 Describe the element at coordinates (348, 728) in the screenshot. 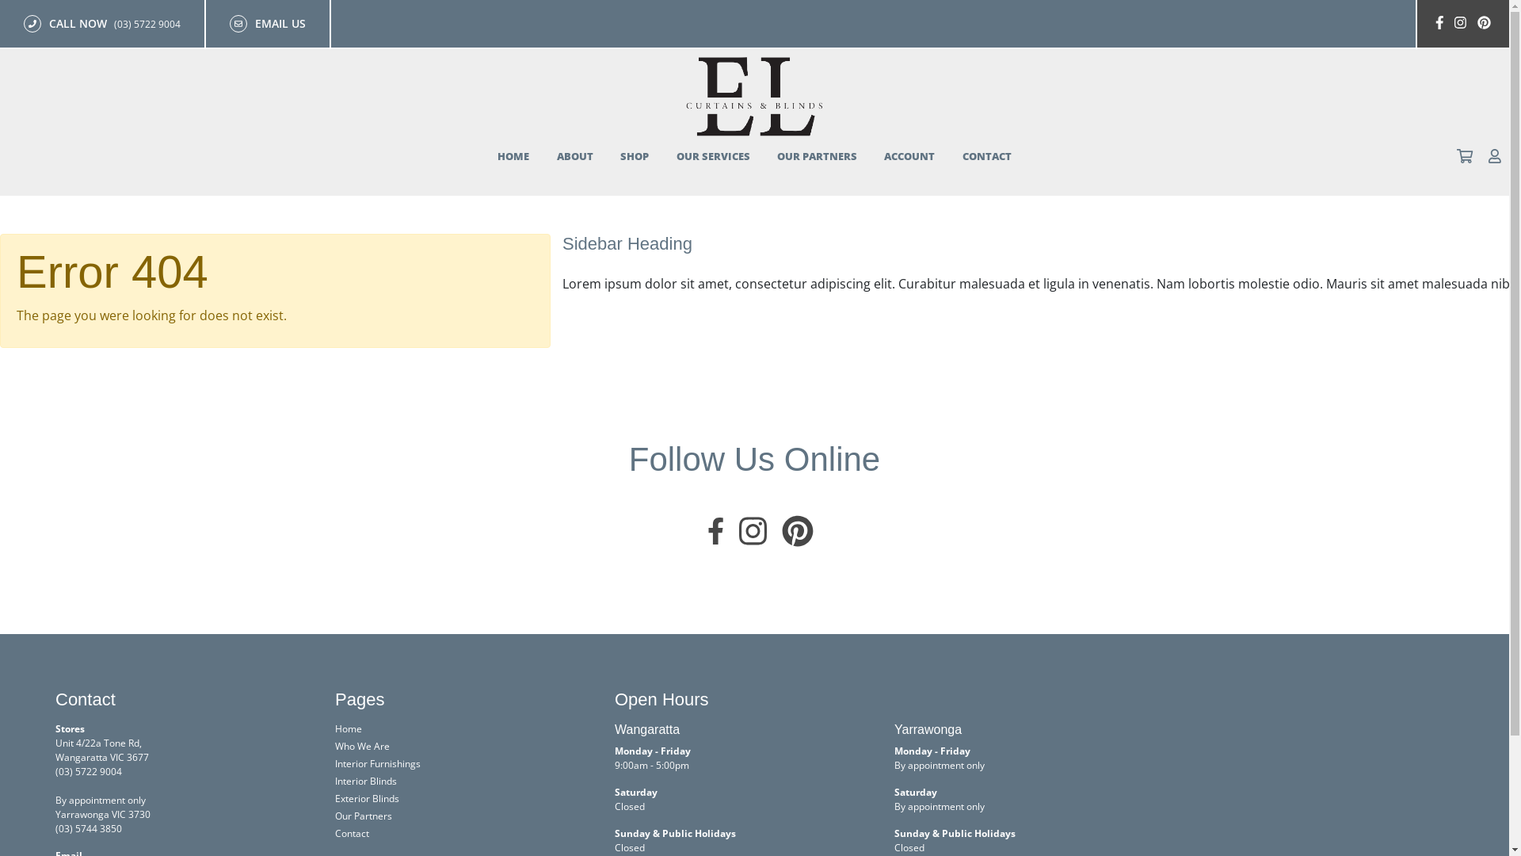

I see `'Home'` at that location.